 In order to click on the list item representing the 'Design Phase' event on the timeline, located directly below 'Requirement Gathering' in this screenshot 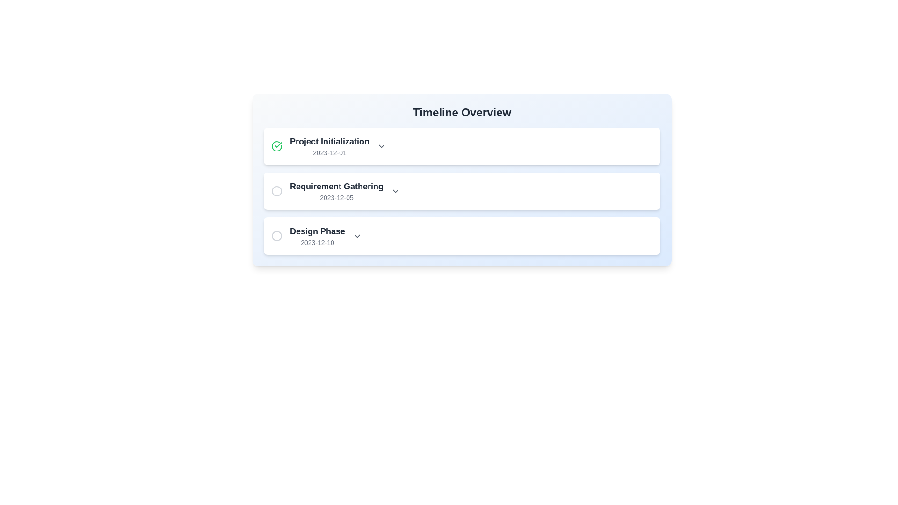, I will do `click(462, 236)`.